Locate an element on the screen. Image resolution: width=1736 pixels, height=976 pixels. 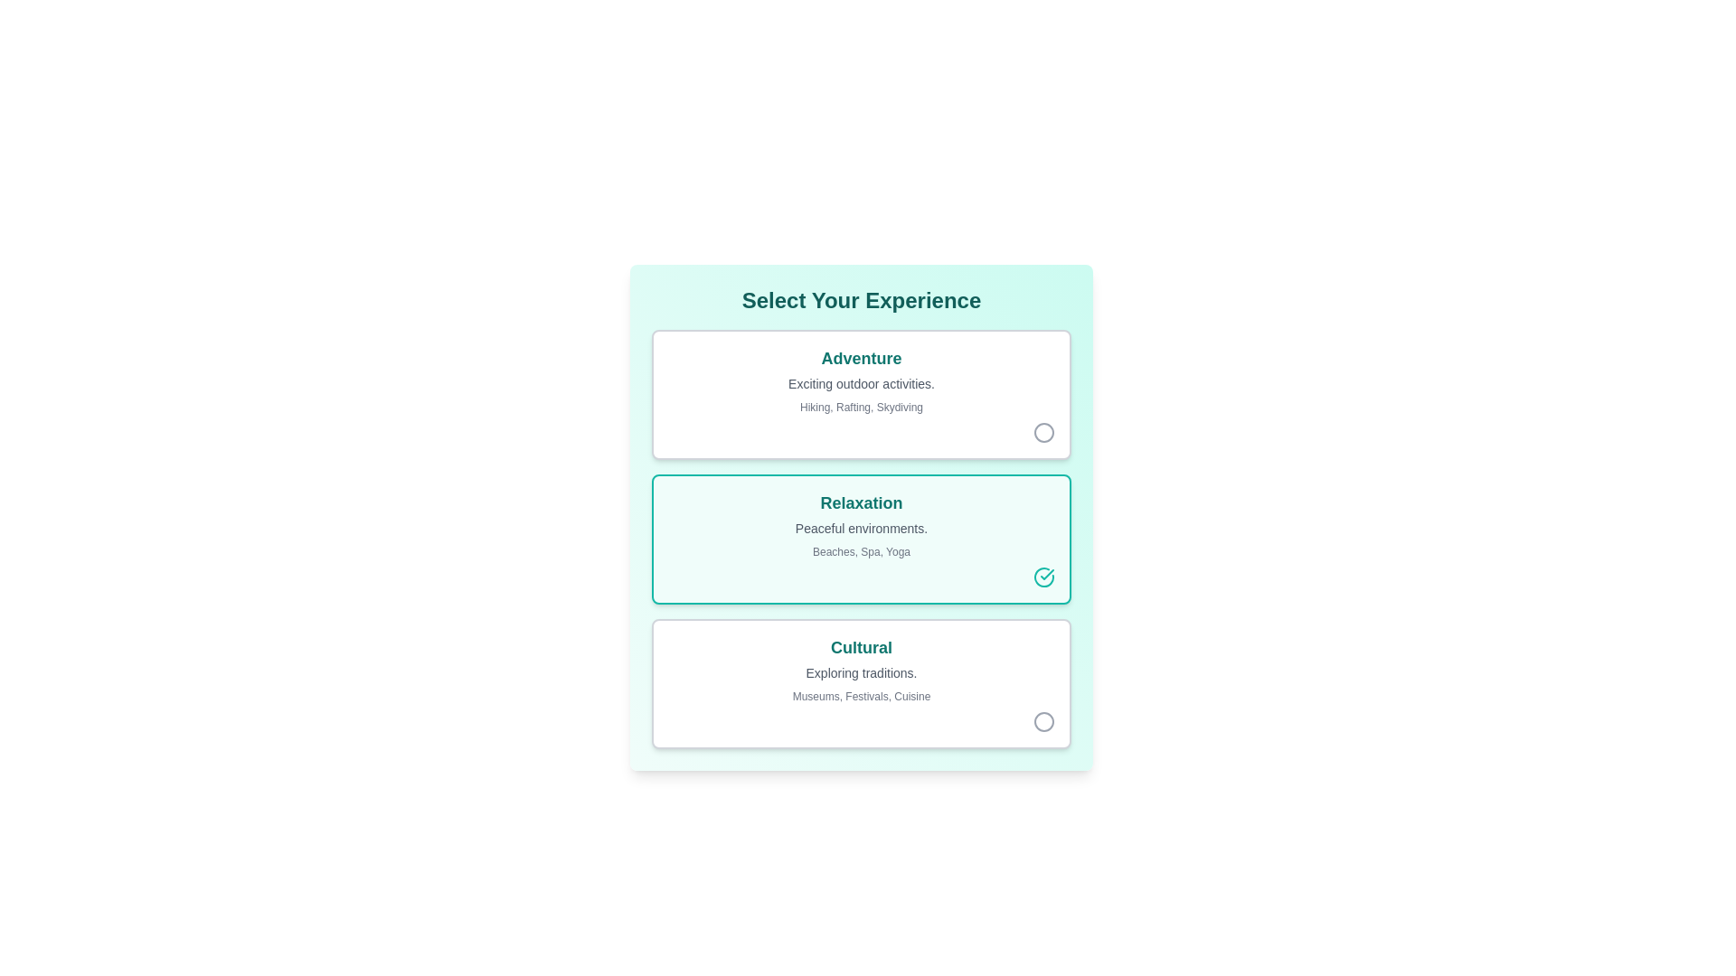
the 'Relaxation' category card located in the vertical list of options between 'Adventure' and 'Cultural' to view its content is located at coordinates (861, 539).